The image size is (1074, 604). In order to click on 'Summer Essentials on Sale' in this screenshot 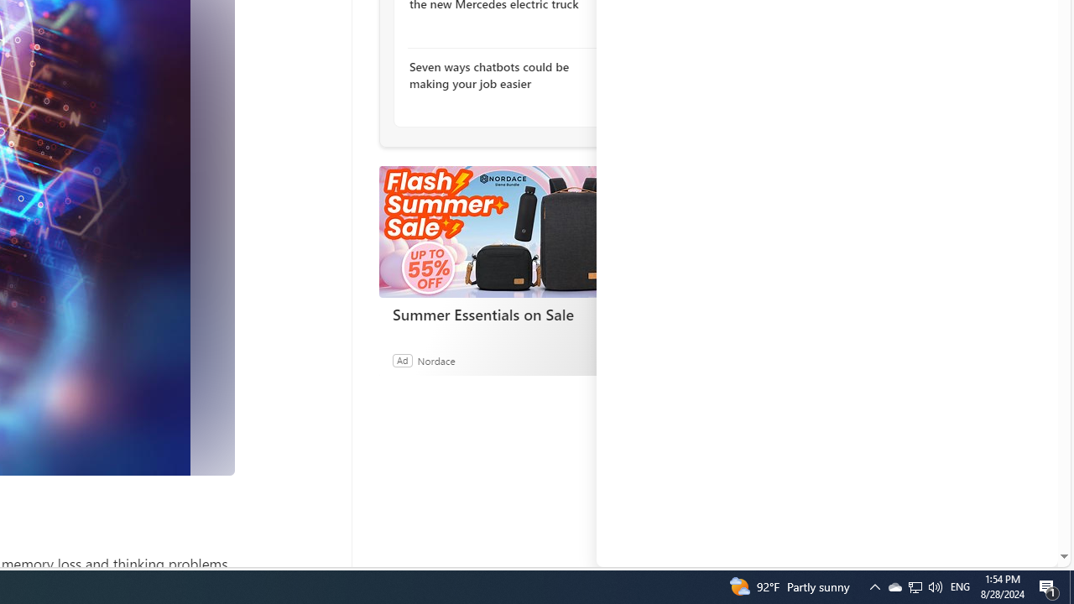, I will do `click(503, 315)`.